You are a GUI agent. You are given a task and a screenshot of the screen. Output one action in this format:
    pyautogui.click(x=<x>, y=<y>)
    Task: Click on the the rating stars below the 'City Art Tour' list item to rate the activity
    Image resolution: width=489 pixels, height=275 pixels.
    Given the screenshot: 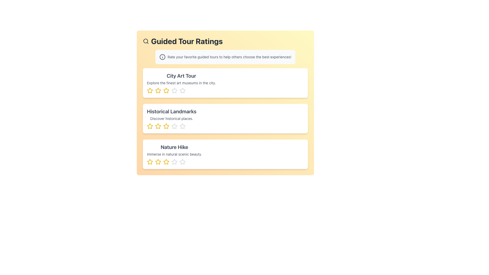 What is the action you would take?
    pyautogui.click(x=225, y=83)
    